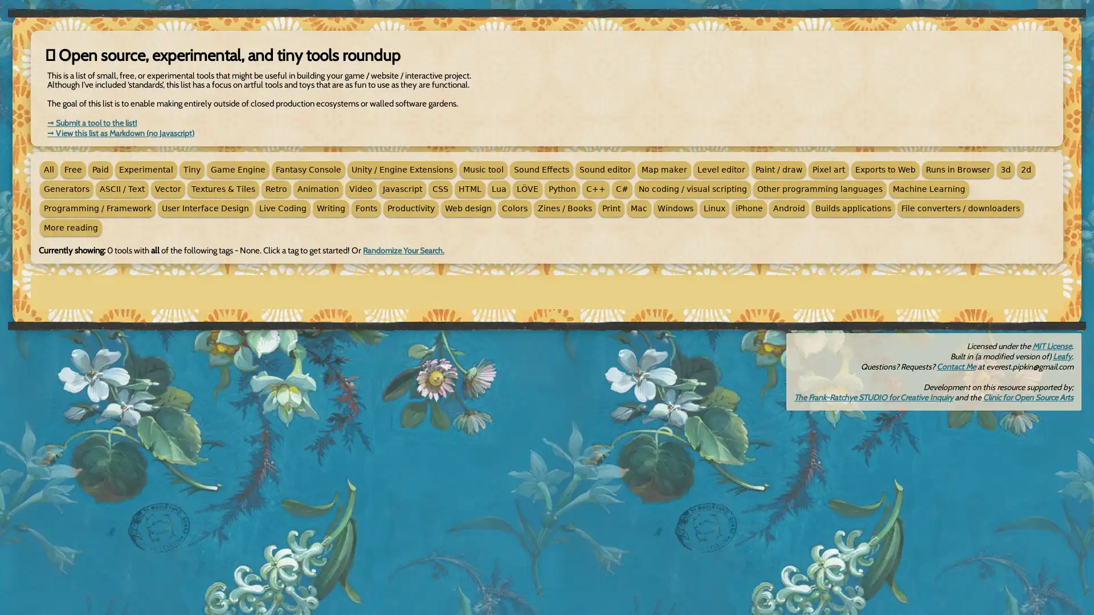 The image size is (1094, 615). What do you see at coordinates (483, 169) in the screenshot?
I see `Music tool` at bounding box center [483, 169].